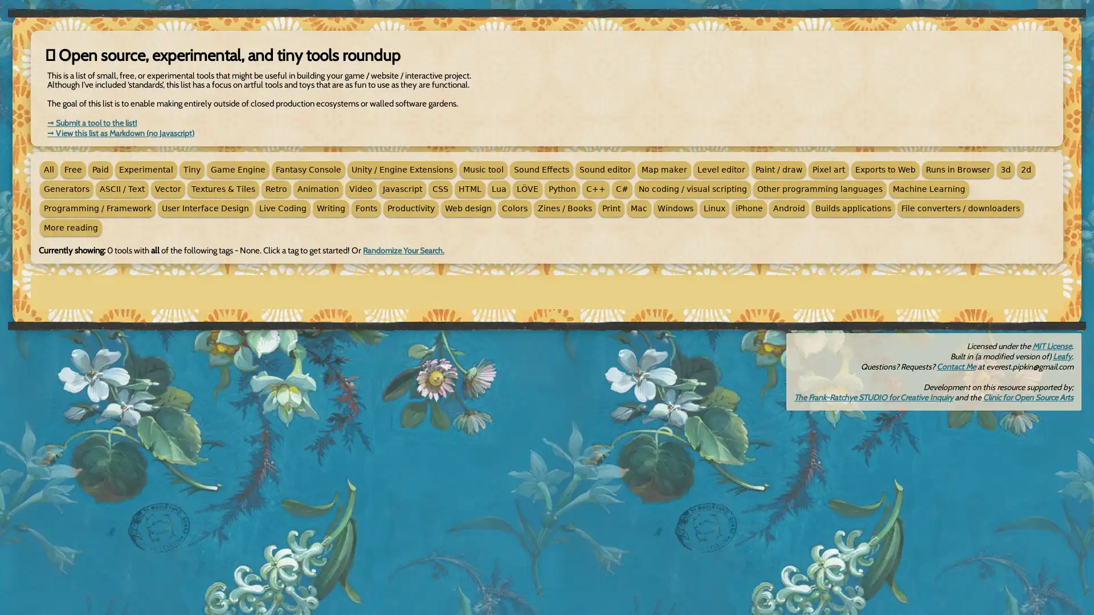 The image size is (1094, 615). What do you see at coordinates (483, 169) in the screenshot?
I see `Music tool` at bounding box center [483, 169].